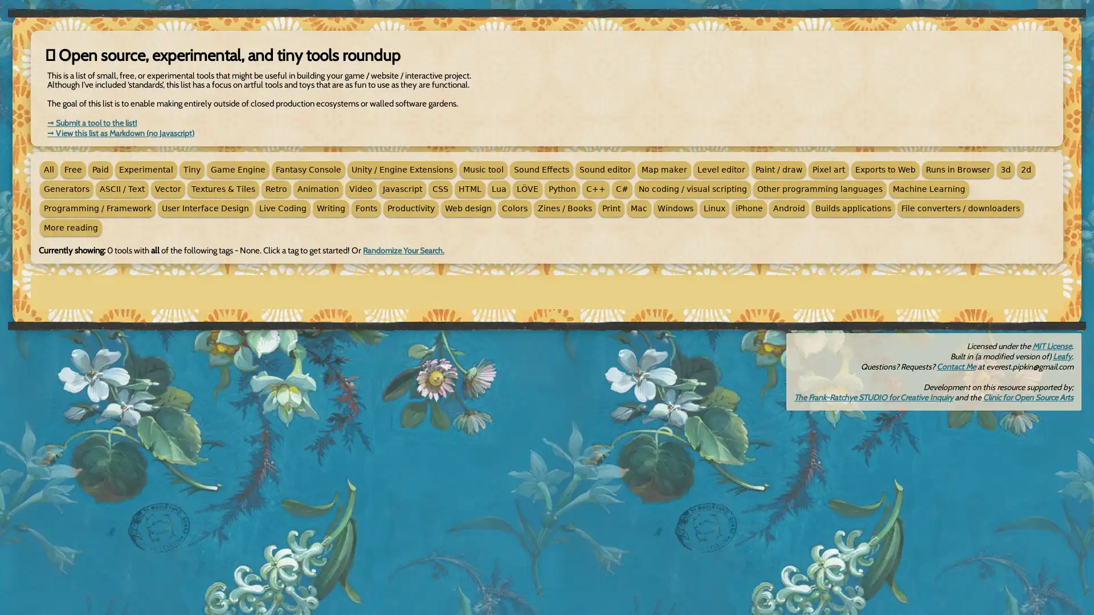 The image size is (1094, 615). What do you see at coordinates (483, 169) in the screenshot?
I see `Music tool` at bounding box center [483, 169].